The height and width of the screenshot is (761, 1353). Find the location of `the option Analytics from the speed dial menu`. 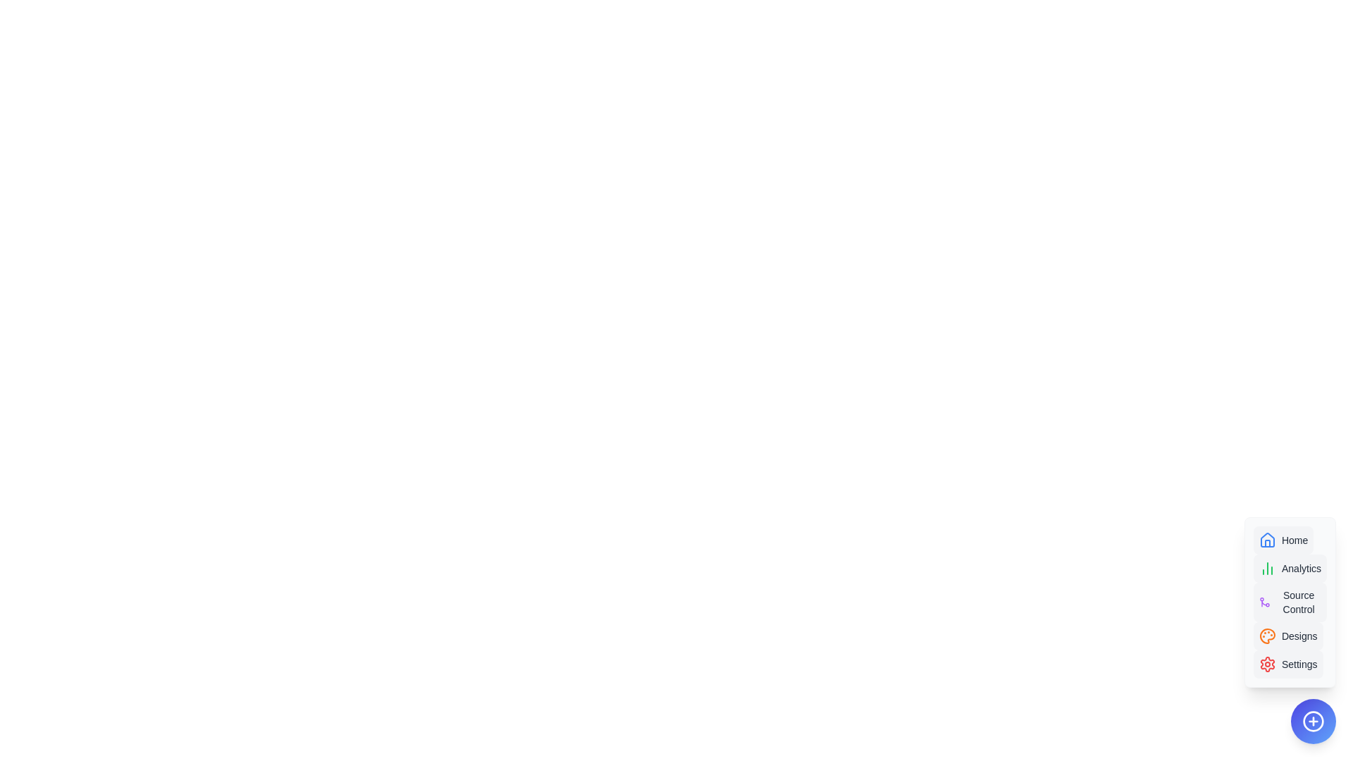

the option Analytics from the speed dial menu is located at coordinates (1290, 567).